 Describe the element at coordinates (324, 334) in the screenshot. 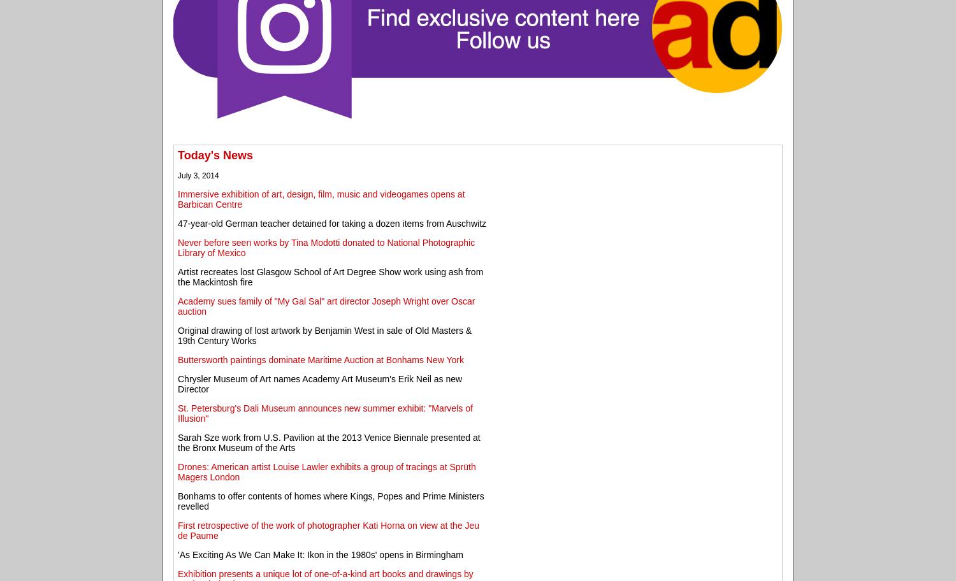

I see `'Original drawing of lost artwork by Benjamin West in sale of Old Masters & 19th Century Works'` at that location.